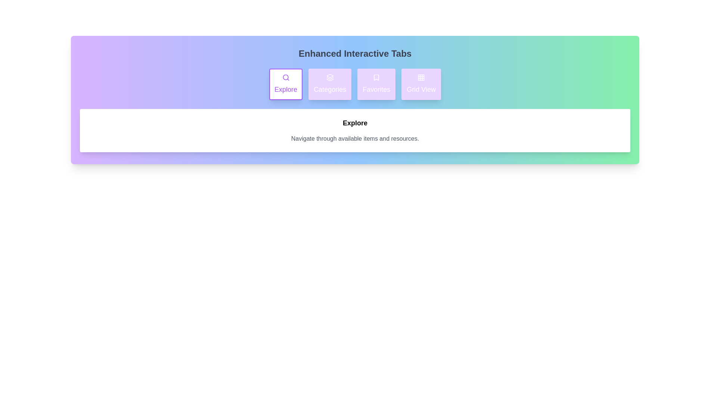 This screenshot has width=717, height=403. I want to click on the 'Categories' tab to activate it, so click(329, 84).